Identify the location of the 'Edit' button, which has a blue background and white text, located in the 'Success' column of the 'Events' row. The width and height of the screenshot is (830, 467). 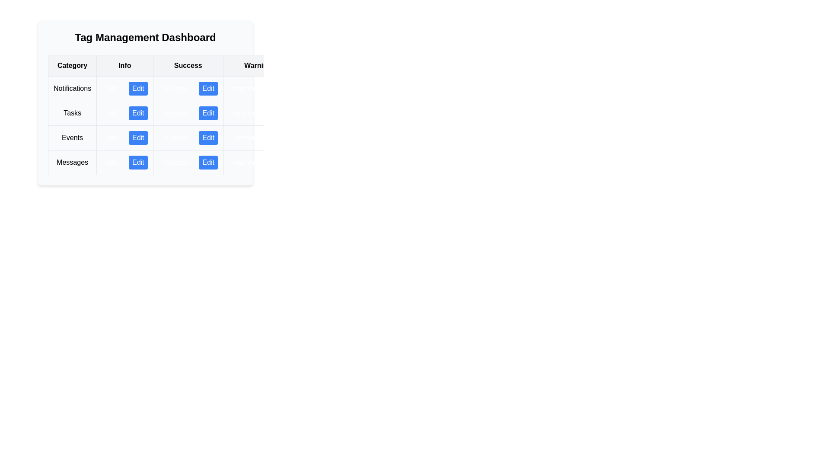
(208, 138).